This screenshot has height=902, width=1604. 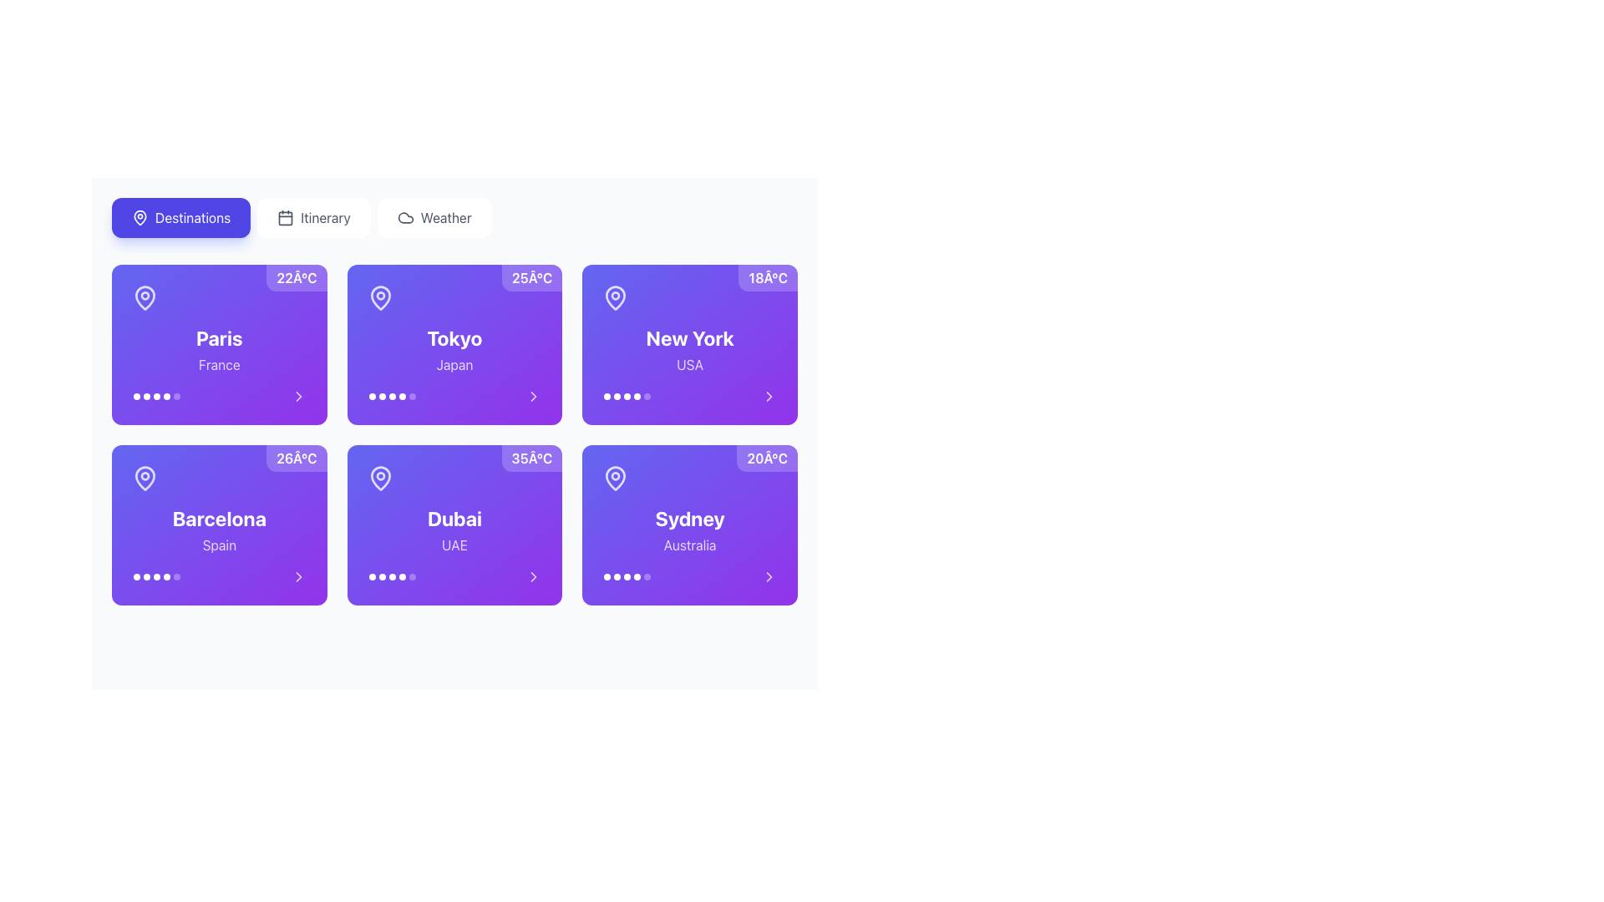 What do you see at coordinates (454, 217) in the screenshot?
I see `the navigation tab located at the top of the interface to switch to the corresponding section` at bounding box center [454, 217].